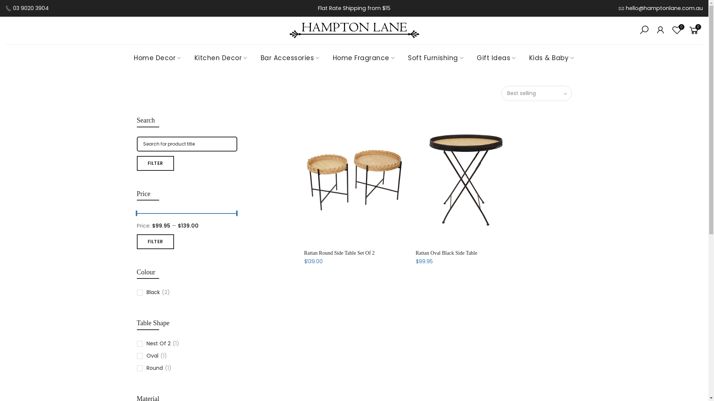 The image size is (714, 401). What do you see at coordinates (676, 30) in the screenshot?
I see `'0'` at bounding box center [676, 30].